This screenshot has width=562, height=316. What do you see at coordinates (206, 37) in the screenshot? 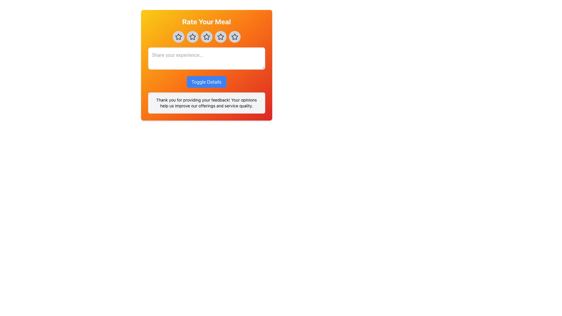
I see `the third circular button for rating under the 'Rate Your Meal' title` at bounding box center [206, 37].